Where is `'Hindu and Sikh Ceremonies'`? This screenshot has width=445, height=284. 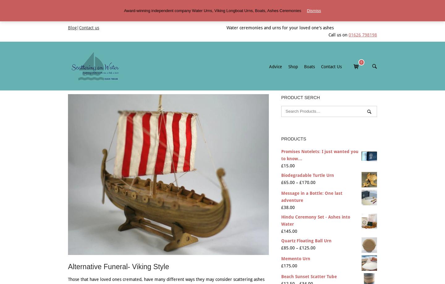 'Hindu and Sikh Ceremonies' is located at coordinates (285, 100).